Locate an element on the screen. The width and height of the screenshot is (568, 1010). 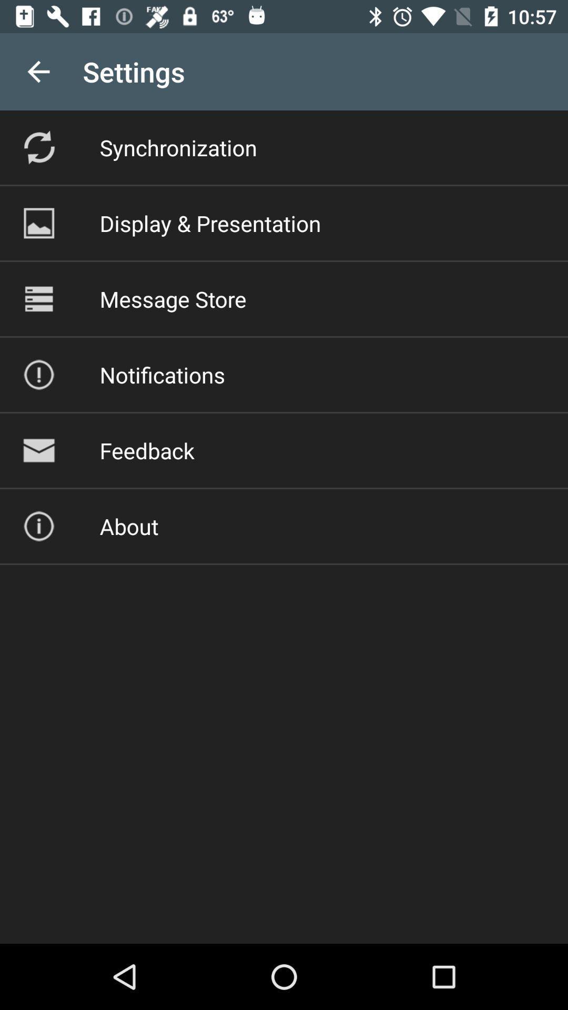
the icon above the about item is located at coordinates (147, 450).